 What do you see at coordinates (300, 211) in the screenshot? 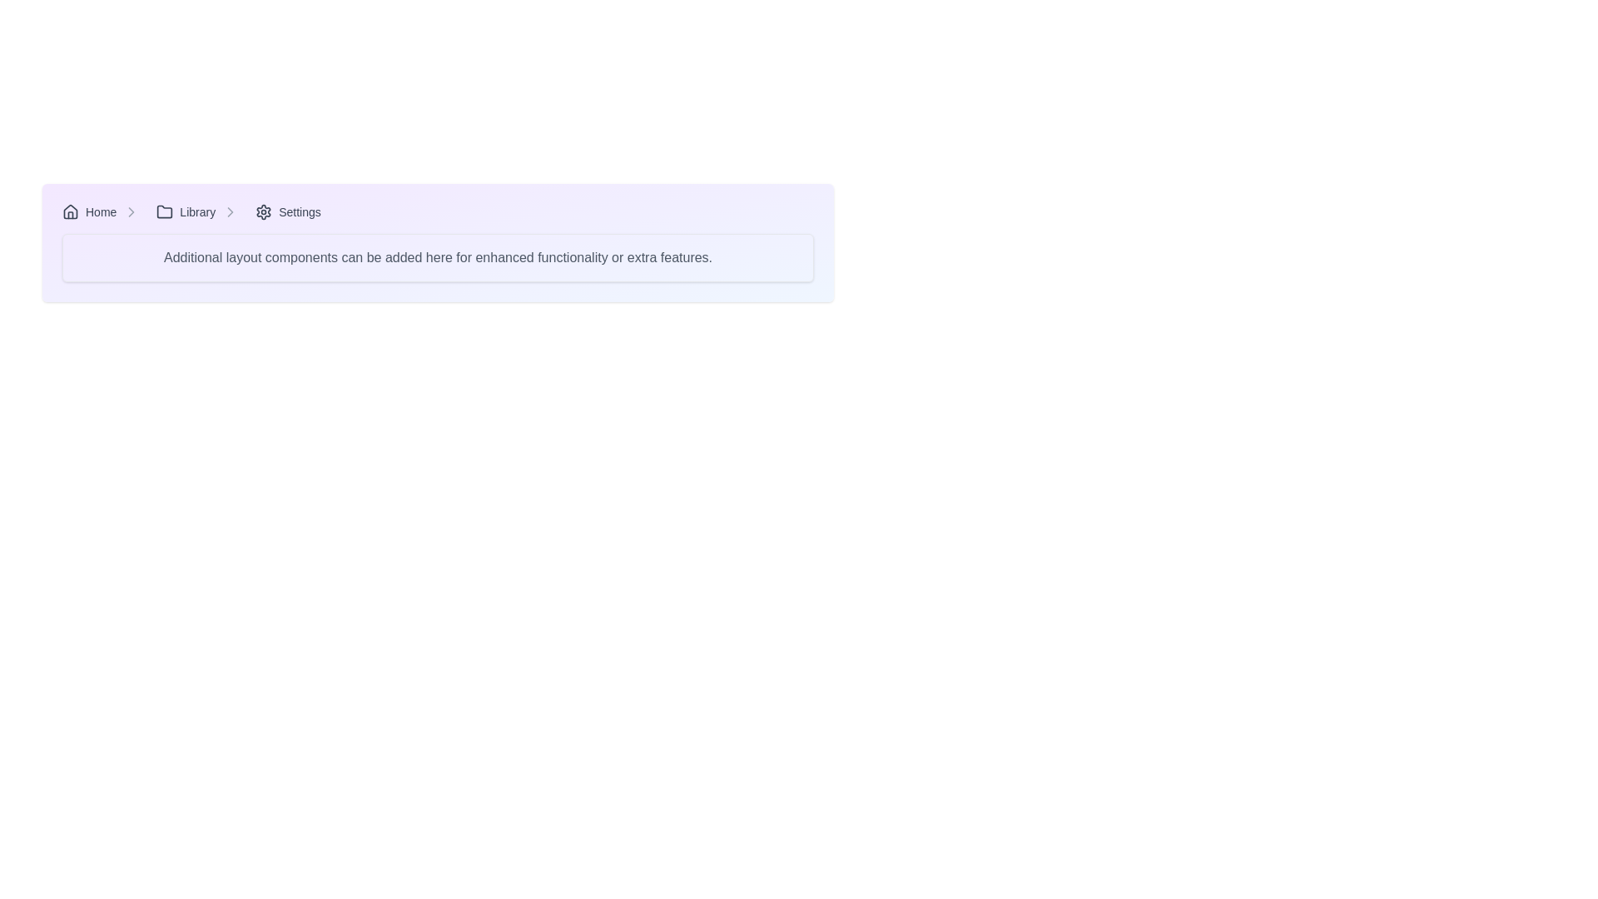
I see `the 'Settings' text label located in the top-center navigation bar, which is part of a clickable link area next to a gear icon` at bounding box center [300, 211].